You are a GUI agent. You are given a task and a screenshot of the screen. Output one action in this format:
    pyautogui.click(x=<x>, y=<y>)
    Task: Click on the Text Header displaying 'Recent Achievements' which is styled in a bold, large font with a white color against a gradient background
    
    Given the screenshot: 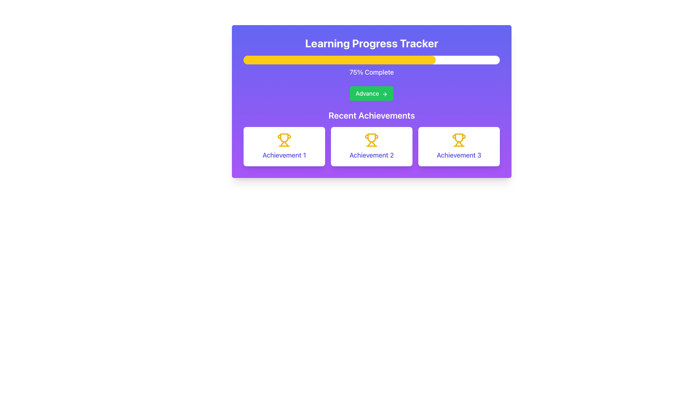 What is the action you would take?
    pyautogui.click(x=372, y=115)
    